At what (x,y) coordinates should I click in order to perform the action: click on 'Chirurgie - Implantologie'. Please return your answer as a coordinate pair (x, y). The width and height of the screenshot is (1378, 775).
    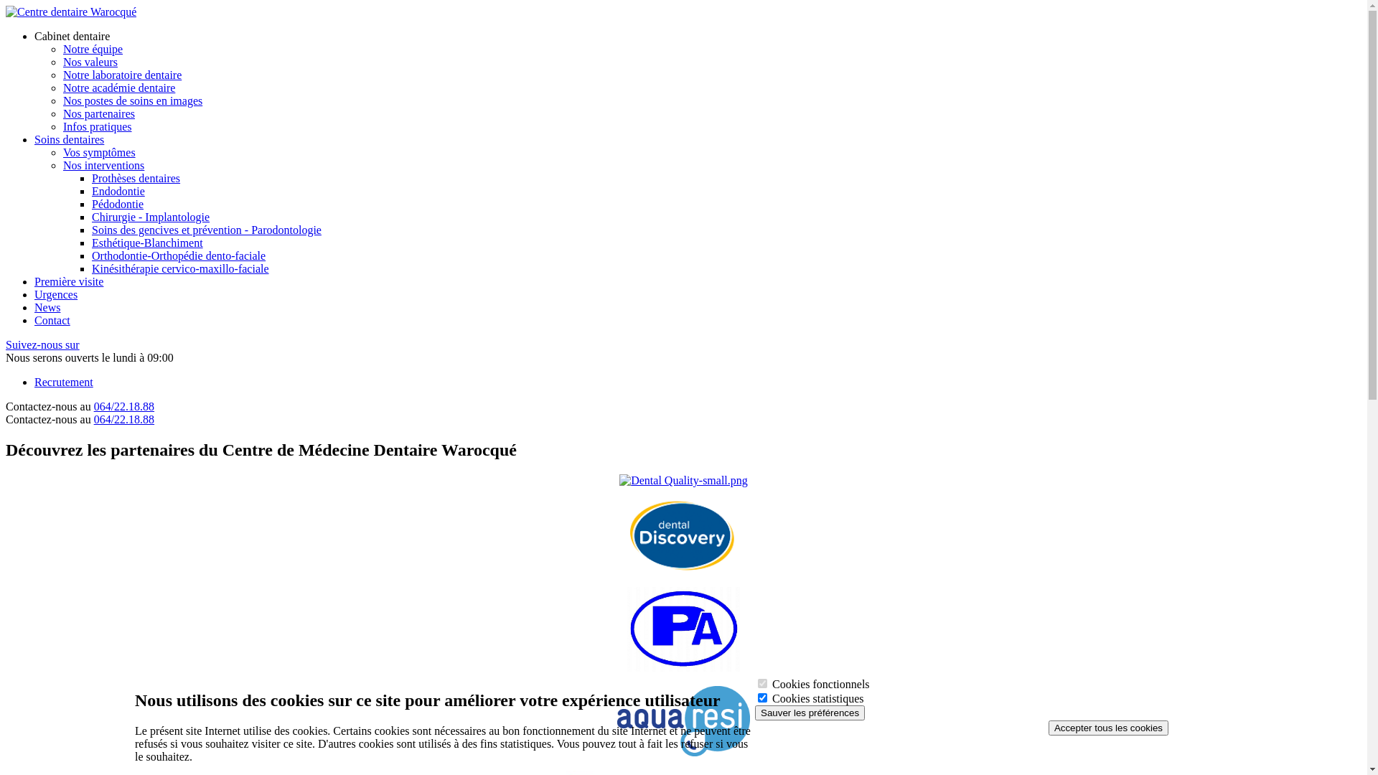
    Looking at the image, I should click on (151, 217).